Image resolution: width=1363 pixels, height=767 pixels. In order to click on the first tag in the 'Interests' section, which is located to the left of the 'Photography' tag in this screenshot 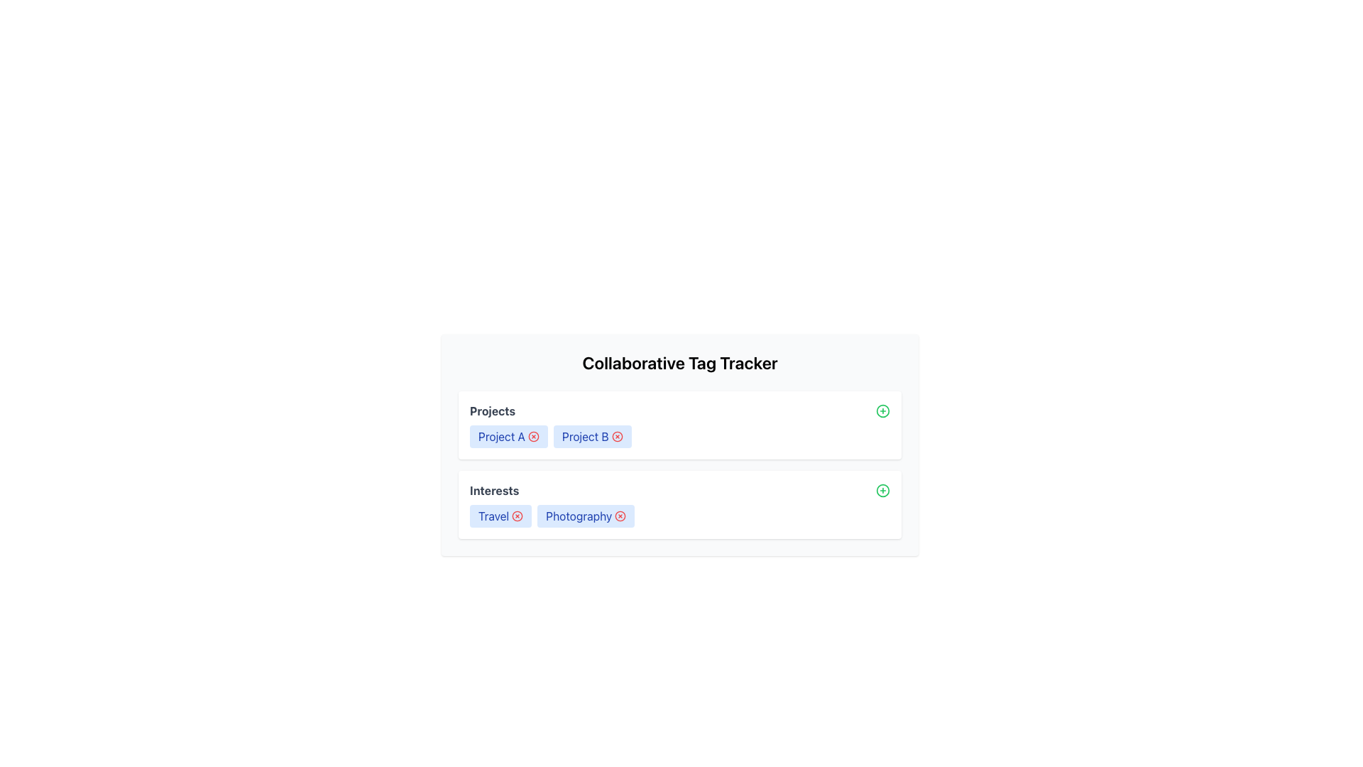, I will do `click(500, 516)`.